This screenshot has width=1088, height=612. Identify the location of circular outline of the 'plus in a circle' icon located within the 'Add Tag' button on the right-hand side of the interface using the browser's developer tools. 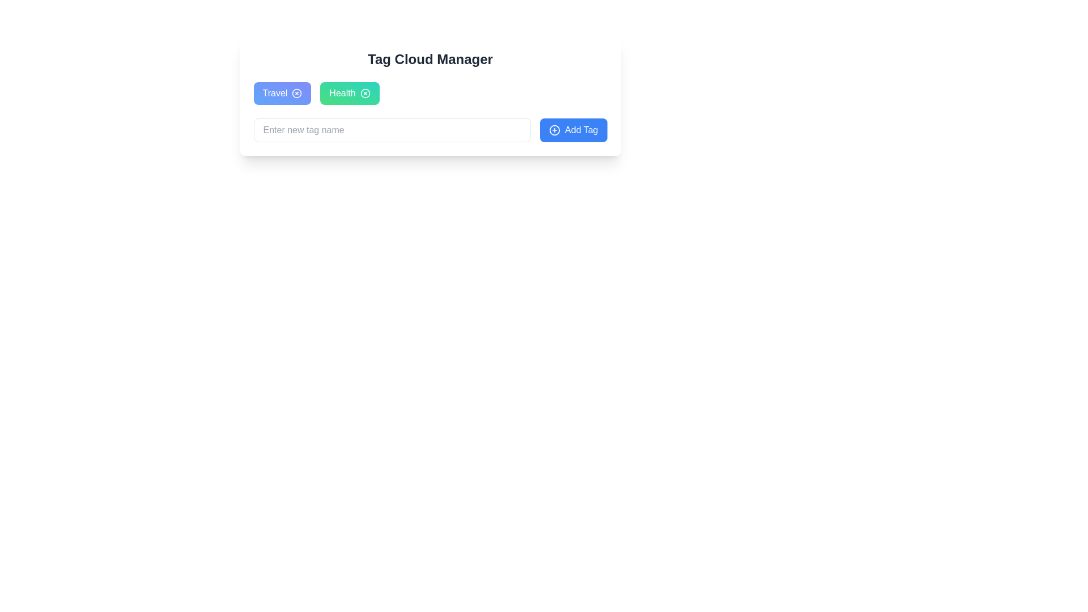
(555, 130).